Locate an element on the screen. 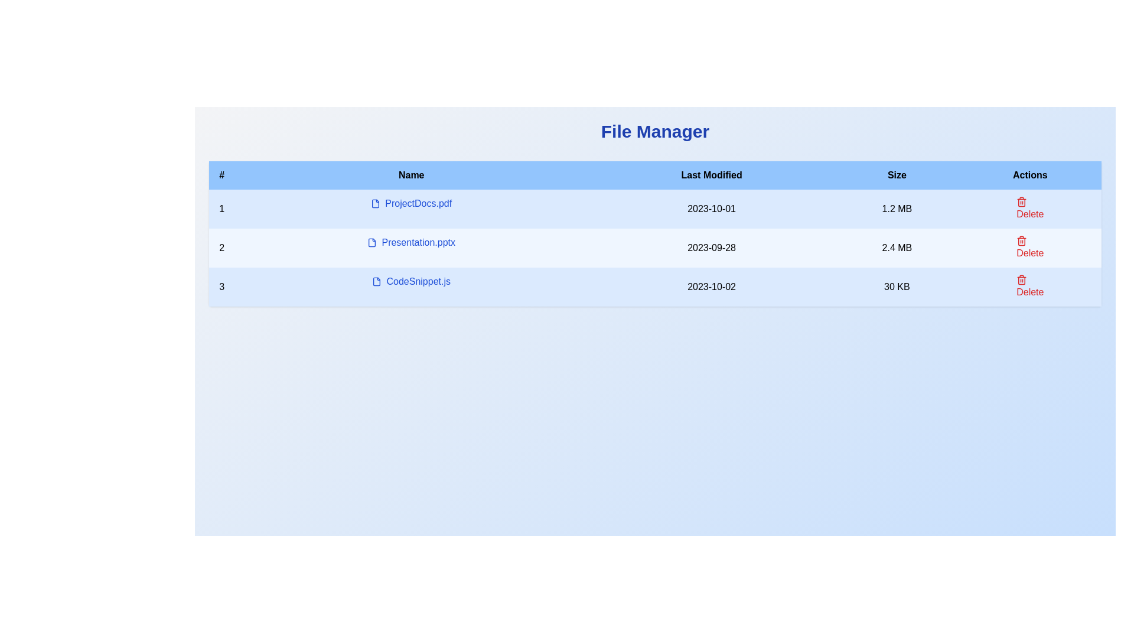 The width and height of the screenshot is (1134, 638). the last modified date text element that is the third sibling in a table row, positioned between the file name and file size is located at coordinates (711, 209).